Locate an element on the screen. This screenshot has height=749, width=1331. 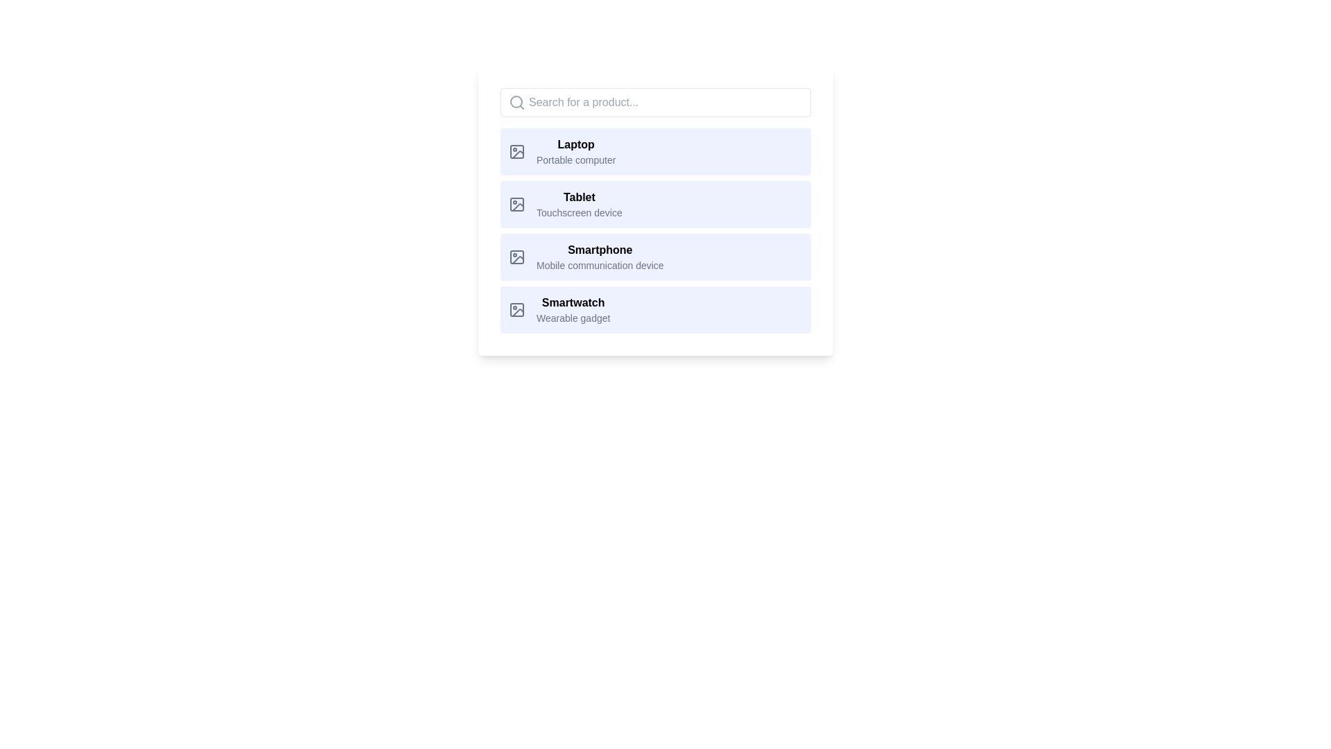
the List item displaying 'Tablet' with the subtitle 'Touchscreen device' is located at coordinates (654, 211).